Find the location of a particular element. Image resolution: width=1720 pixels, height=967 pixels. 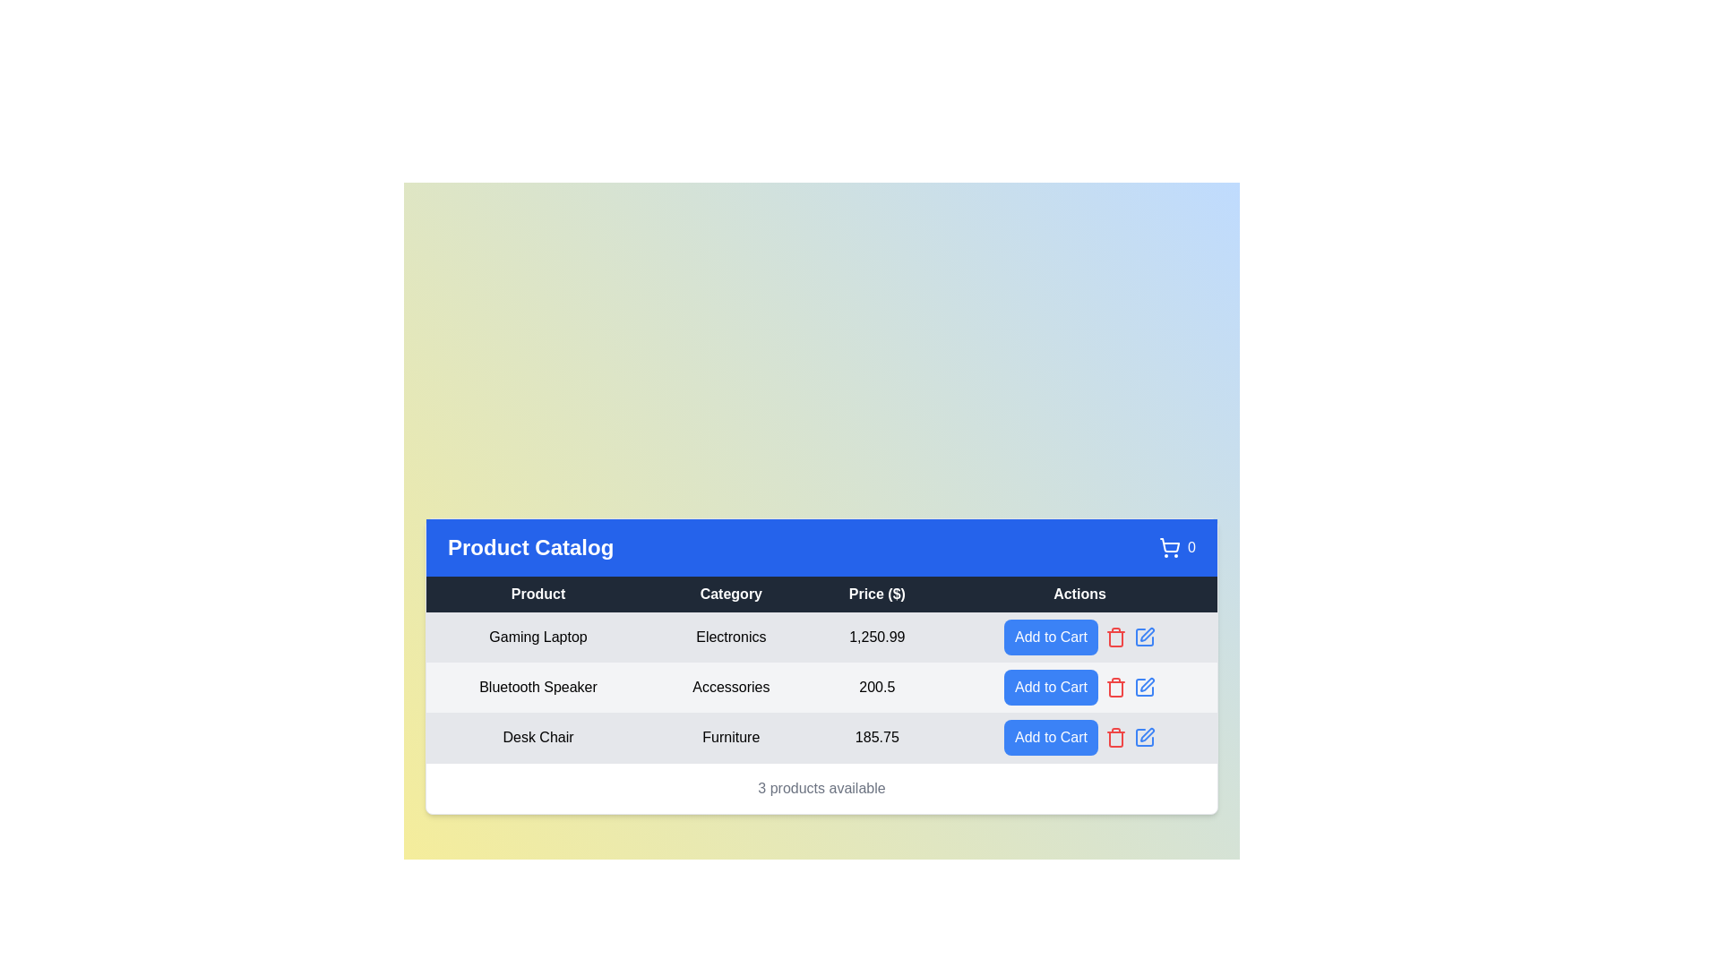

the edit icon button located in the last row of the table in the 'Actions' column, which is the second icon to the left of the trash bin icon is located at coordinates (1147, 633).